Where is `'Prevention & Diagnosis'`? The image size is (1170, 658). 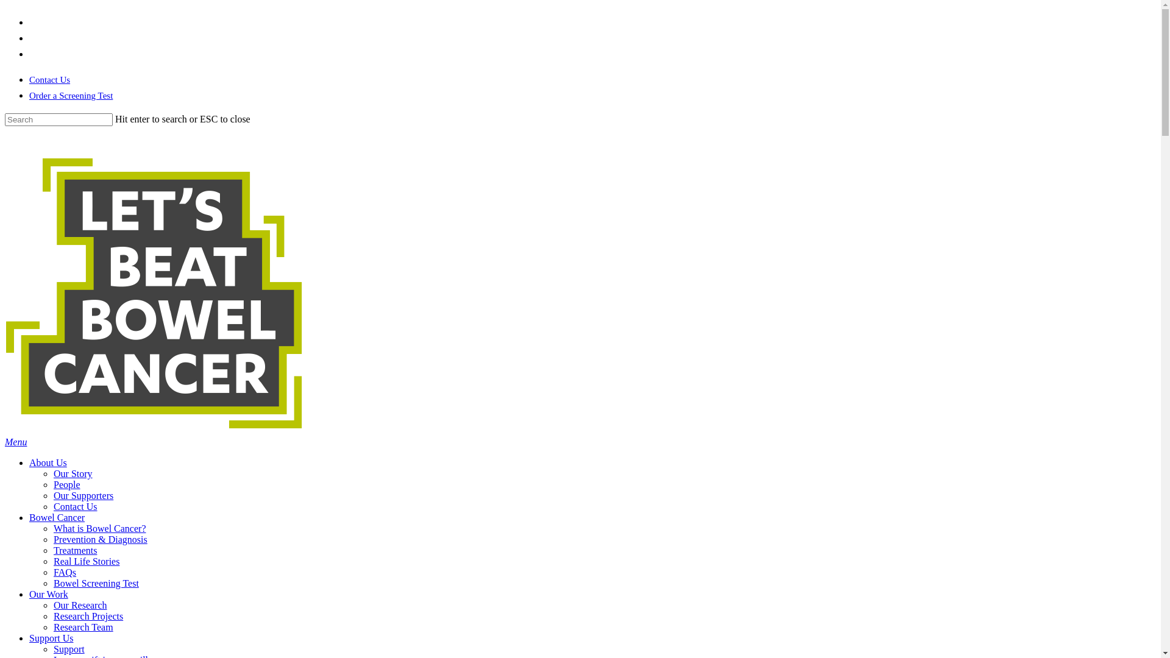 'Prevention & Diagnosis' is located at coordinates (100, 539).